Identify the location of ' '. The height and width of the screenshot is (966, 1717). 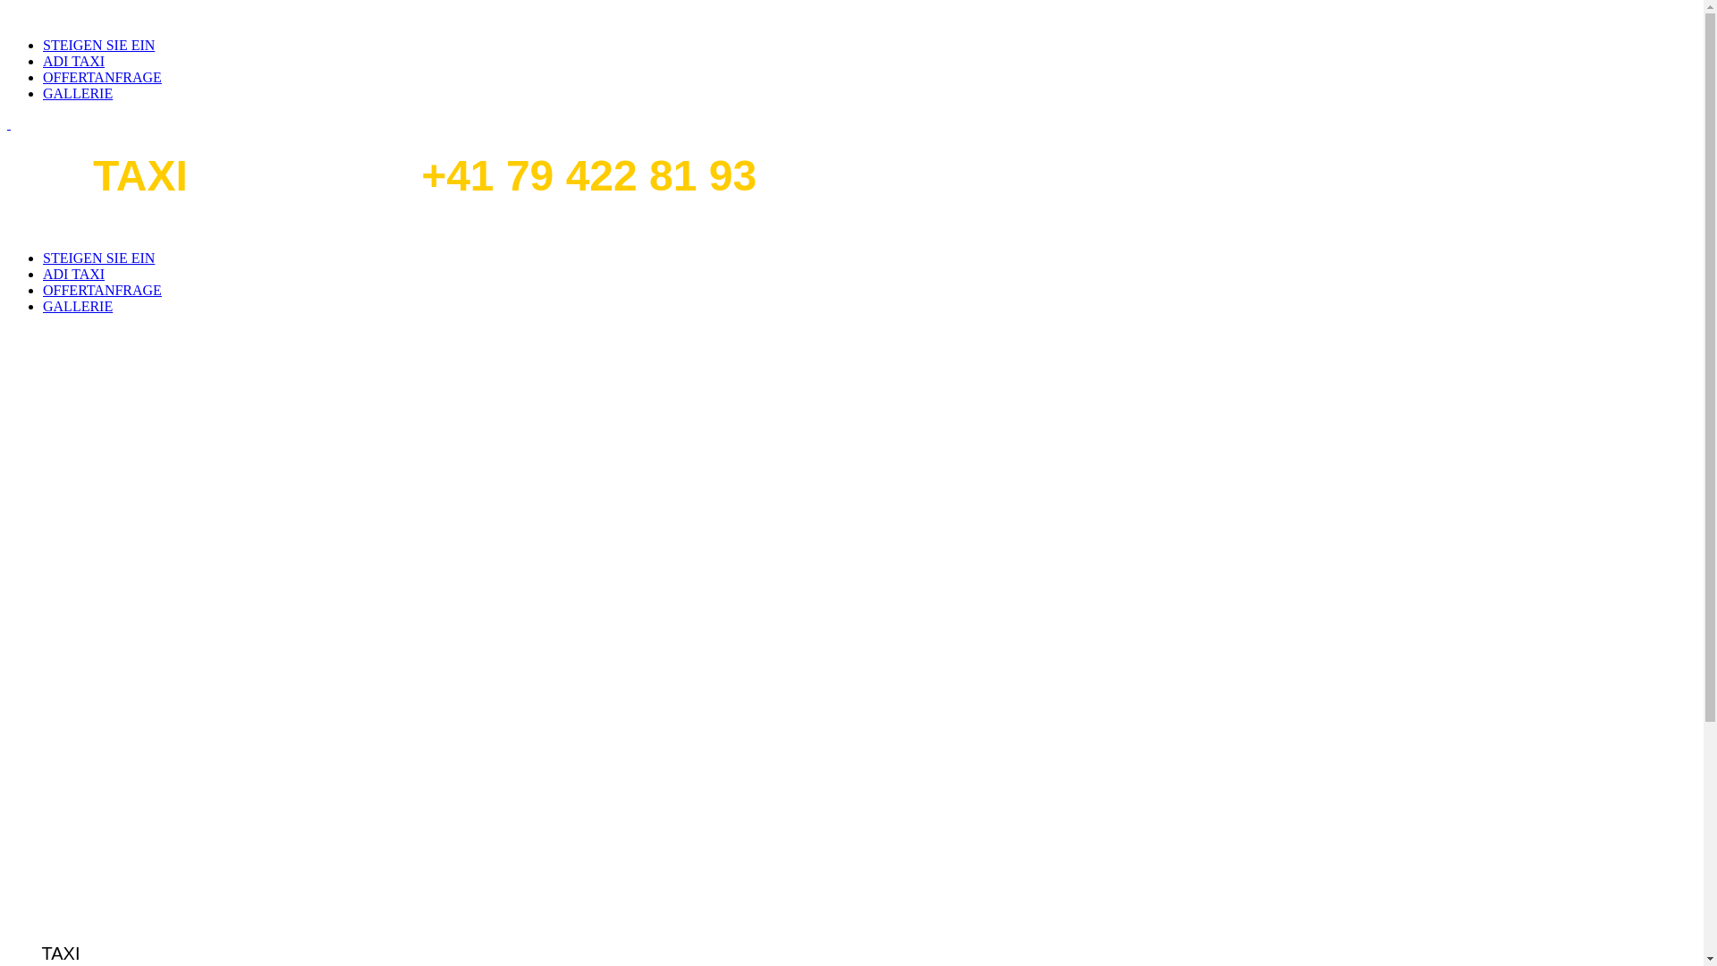
(8, 123).